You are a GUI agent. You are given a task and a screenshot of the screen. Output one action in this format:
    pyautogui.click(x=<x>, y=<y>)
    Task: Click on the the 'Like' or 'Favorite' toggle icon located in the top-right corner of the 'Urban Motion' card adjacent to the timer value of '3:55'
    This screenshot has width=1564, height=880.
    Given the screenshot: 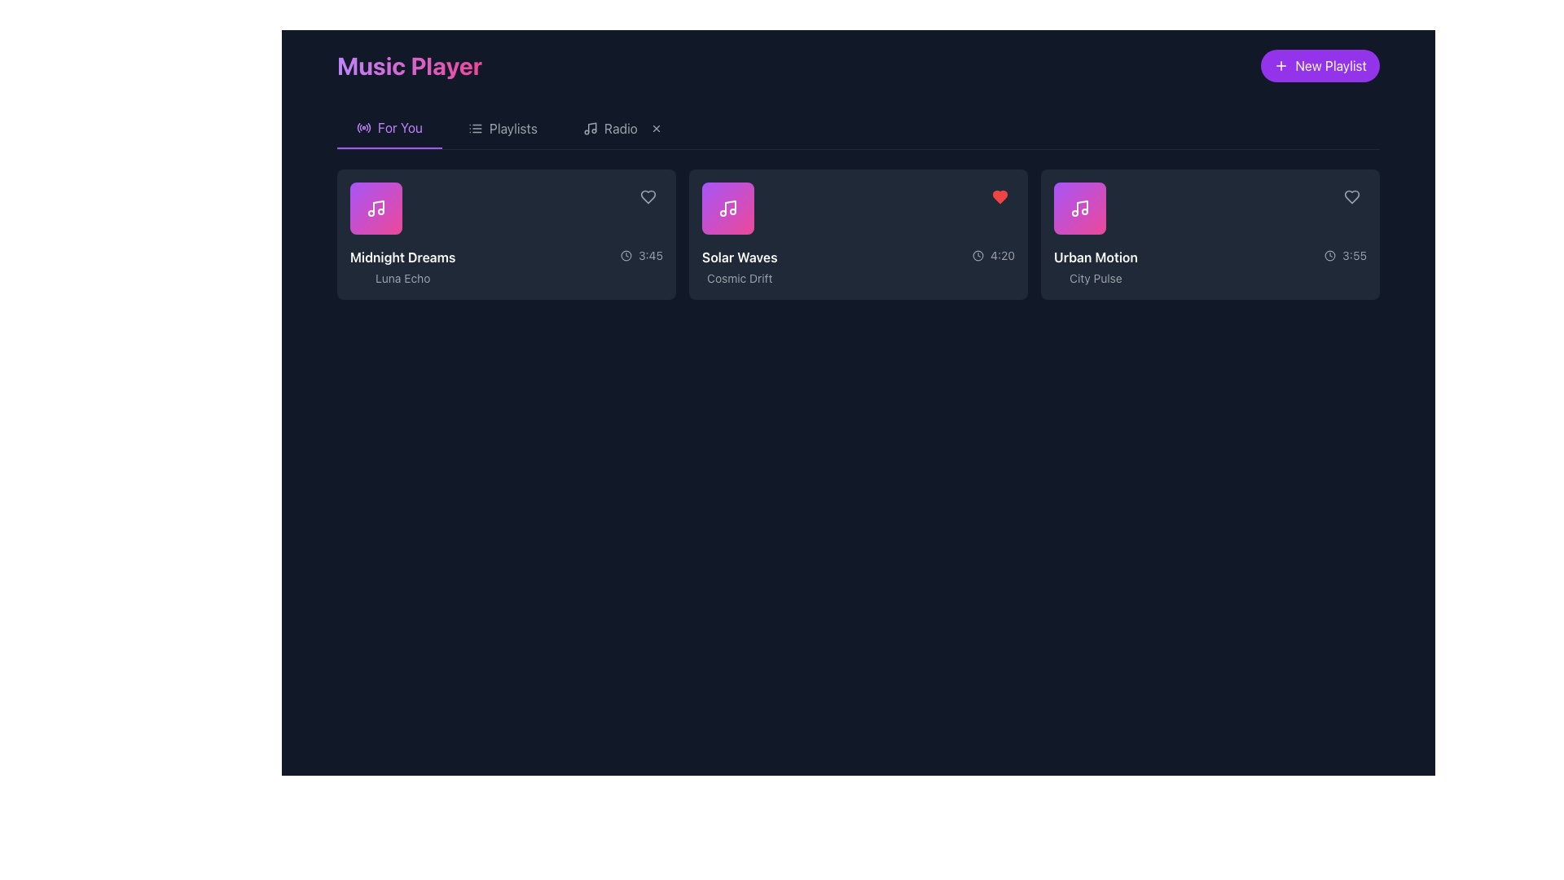 What is the action you would take?
    pyautogui.click(x=1352, y=196)
    